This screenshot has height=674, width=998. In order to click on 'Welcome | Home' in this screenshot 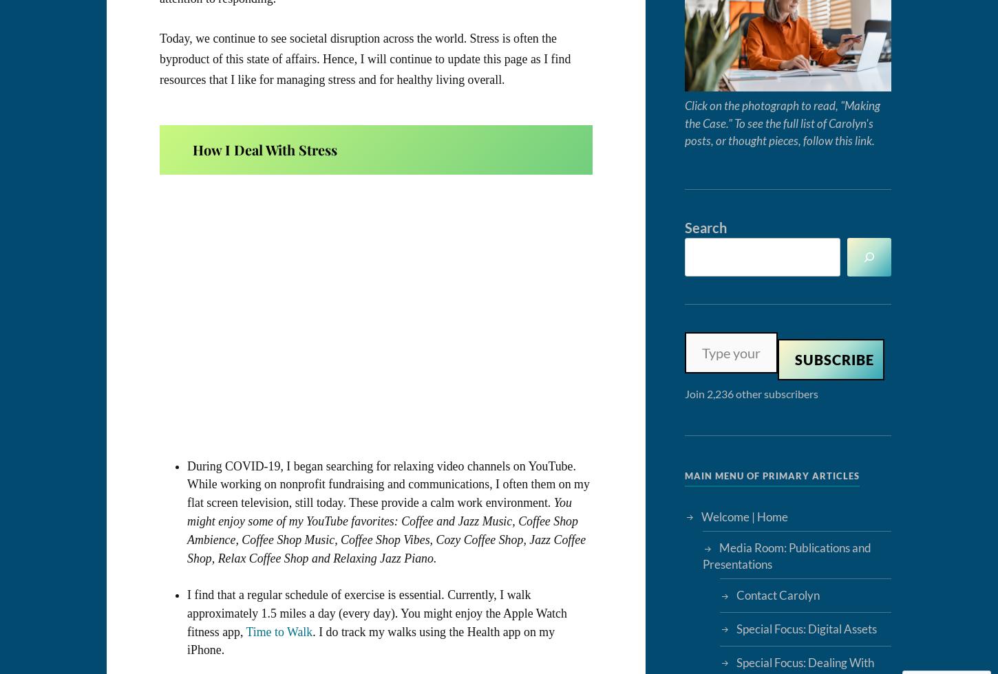, I will do `click(744, 516)`.